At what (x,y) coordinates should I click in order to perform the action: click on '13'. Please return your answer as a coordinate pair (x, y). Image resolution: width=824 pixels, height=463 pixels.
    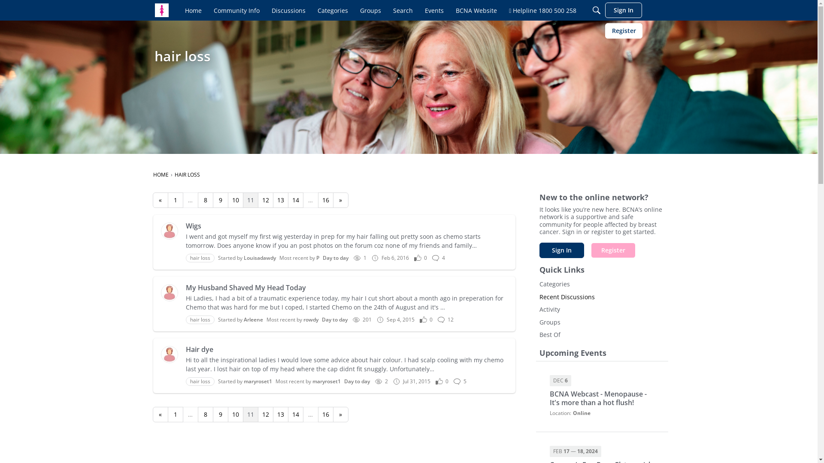
    Looking at the image, I should click on (280, 200).